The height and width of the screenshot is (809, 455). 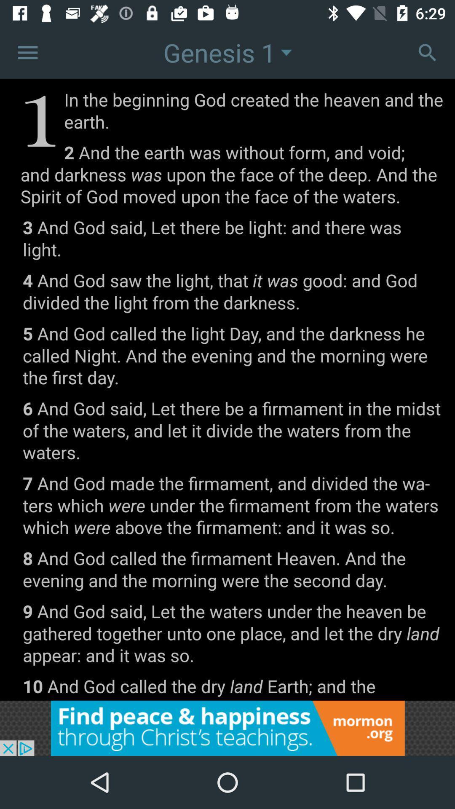 I want to click on the search, so click(x=427, y=52).